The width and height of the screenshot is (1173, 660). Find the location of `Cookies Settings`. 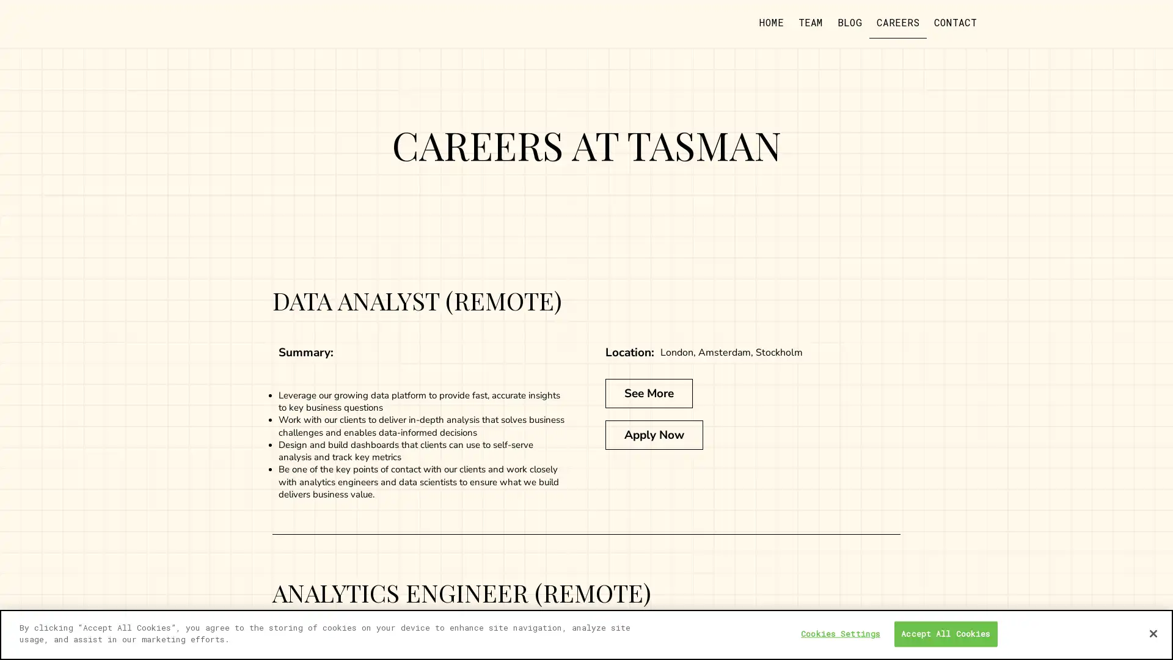

Cookies Settings is located at coordinates (840, 633).